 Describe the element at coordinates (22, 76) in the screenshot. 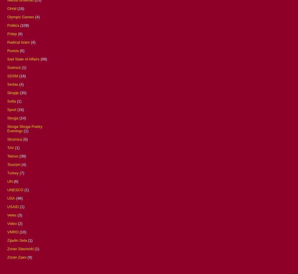

I see `'(18)'` at that location.